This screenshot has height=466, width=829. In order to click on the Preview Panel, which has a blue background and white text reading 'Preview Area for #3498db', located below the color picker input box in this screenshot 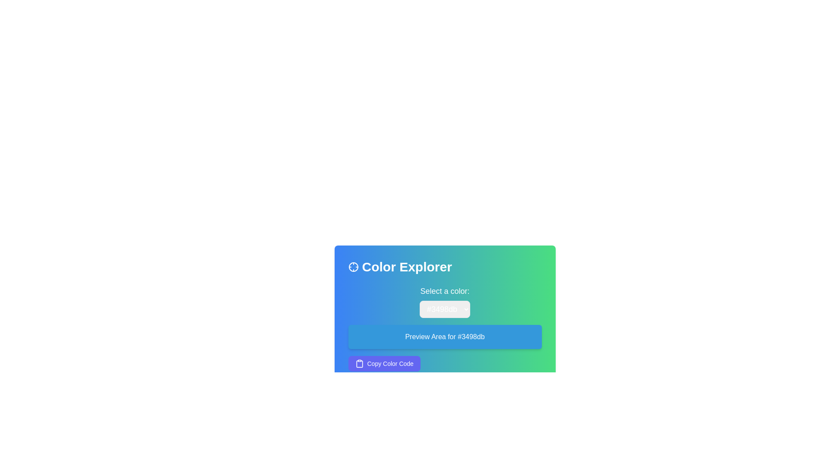, I will do `click(445, 336)`.